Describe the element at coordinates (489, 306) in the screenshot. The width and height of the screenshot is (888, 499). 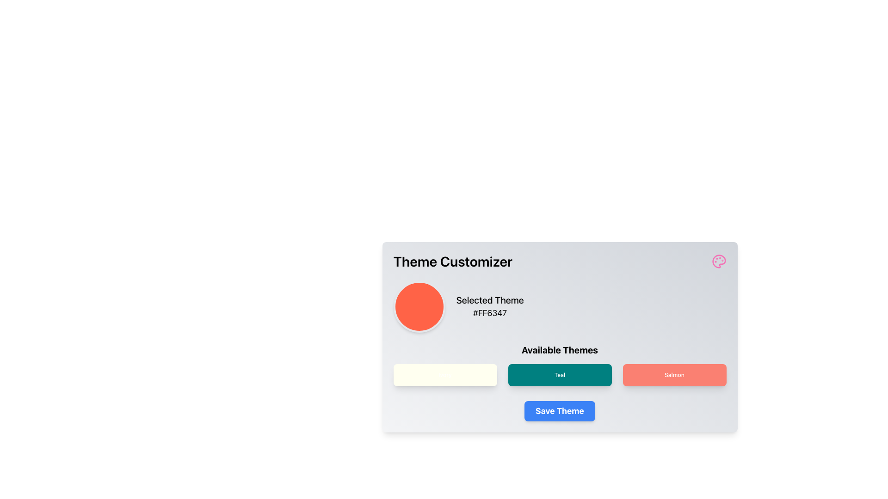
I see `the text label indicating the currently selected theme` at that location.